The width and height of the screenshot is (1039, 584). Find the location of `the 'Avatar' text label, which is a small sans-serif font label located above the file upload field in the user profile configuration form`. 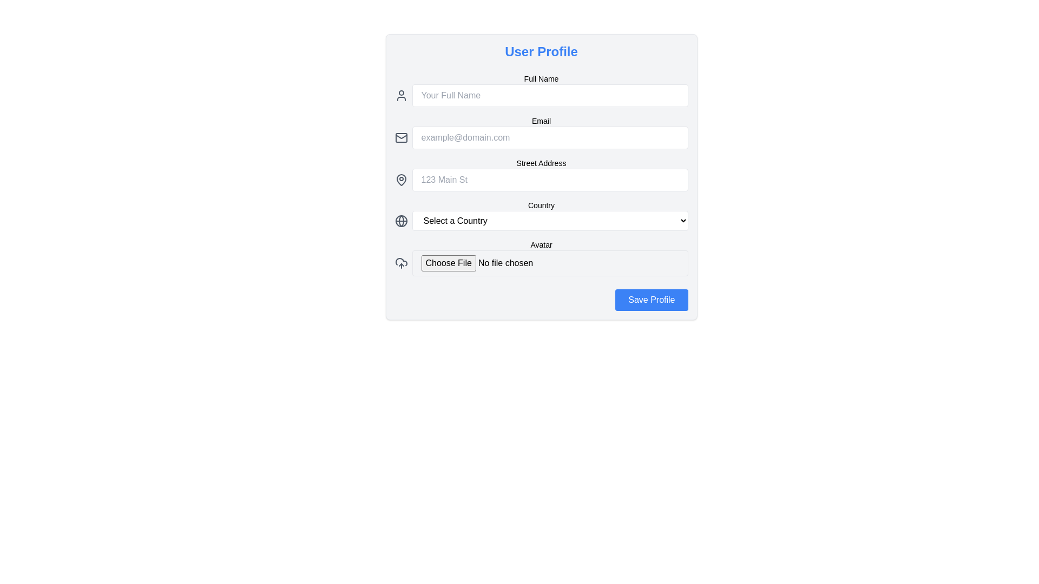

the 'Avatar' text label, which is a small sans-serif font label located above the file upload field in the user profile configuration form is located at coordinates (541, 244).